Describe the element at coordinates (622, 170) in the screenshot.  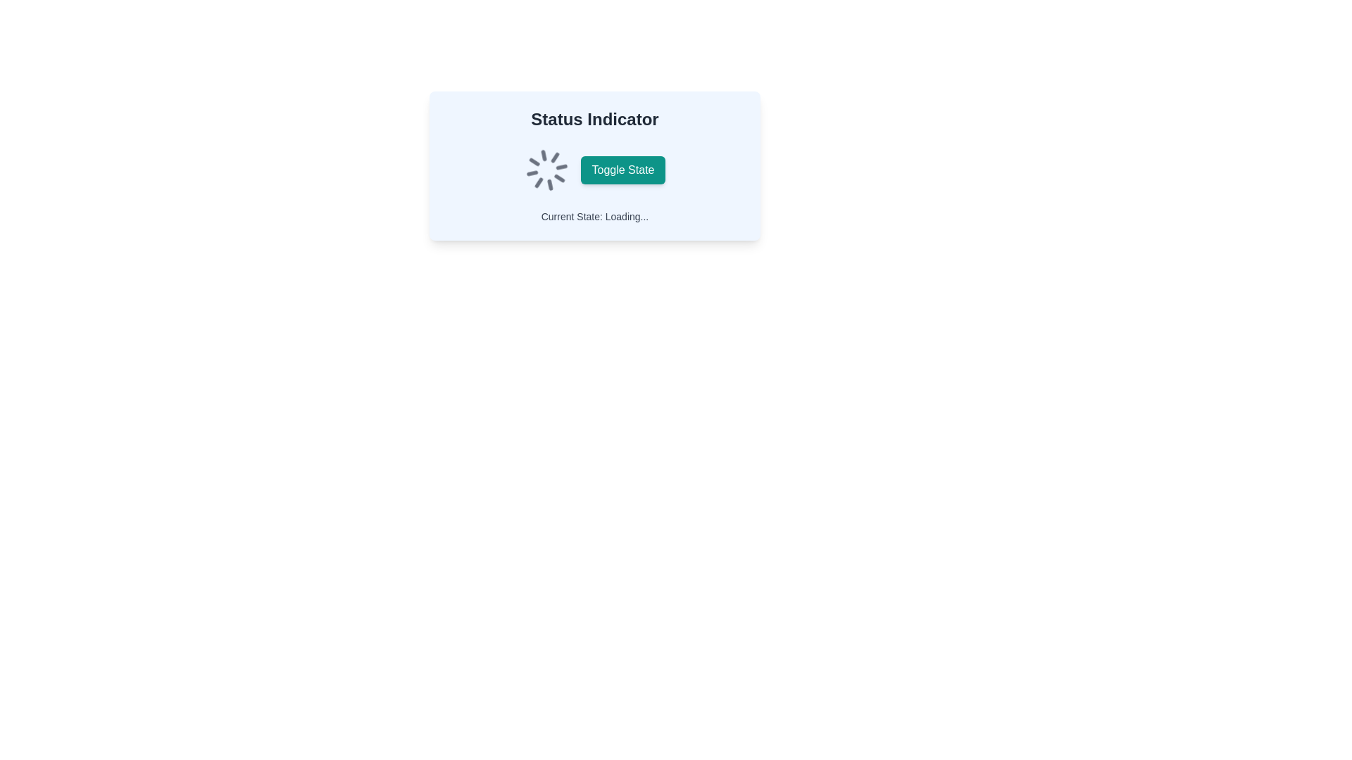
I see `the toggle button located to the right of the spinning loader icon` at that location.